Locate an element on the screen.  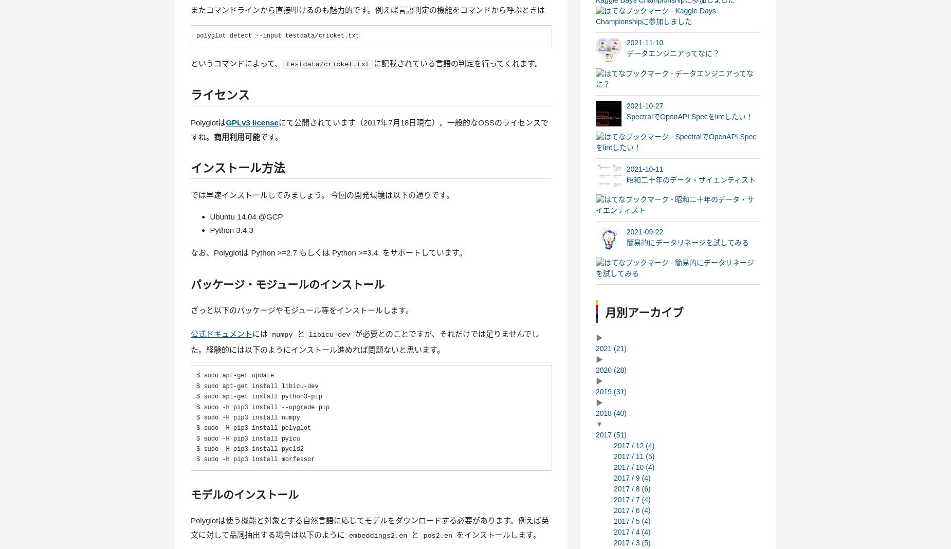
'2021-10-11' is located at coordinates (644, 168).